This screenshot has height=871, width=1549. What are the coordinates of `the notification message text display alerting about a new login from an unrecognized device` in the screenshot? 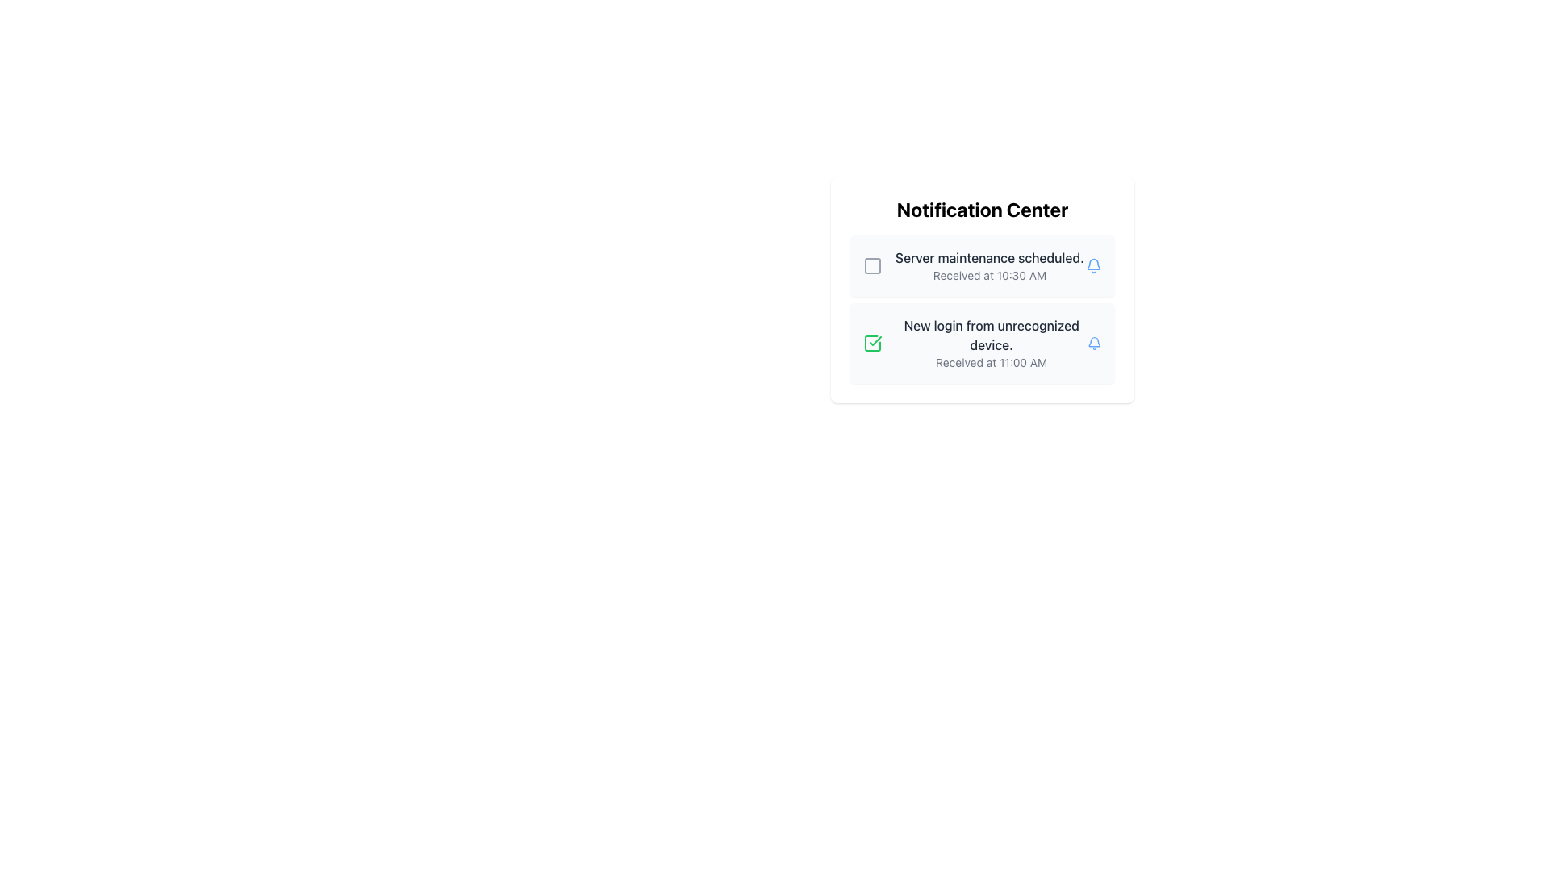 It's located at (991, 335).